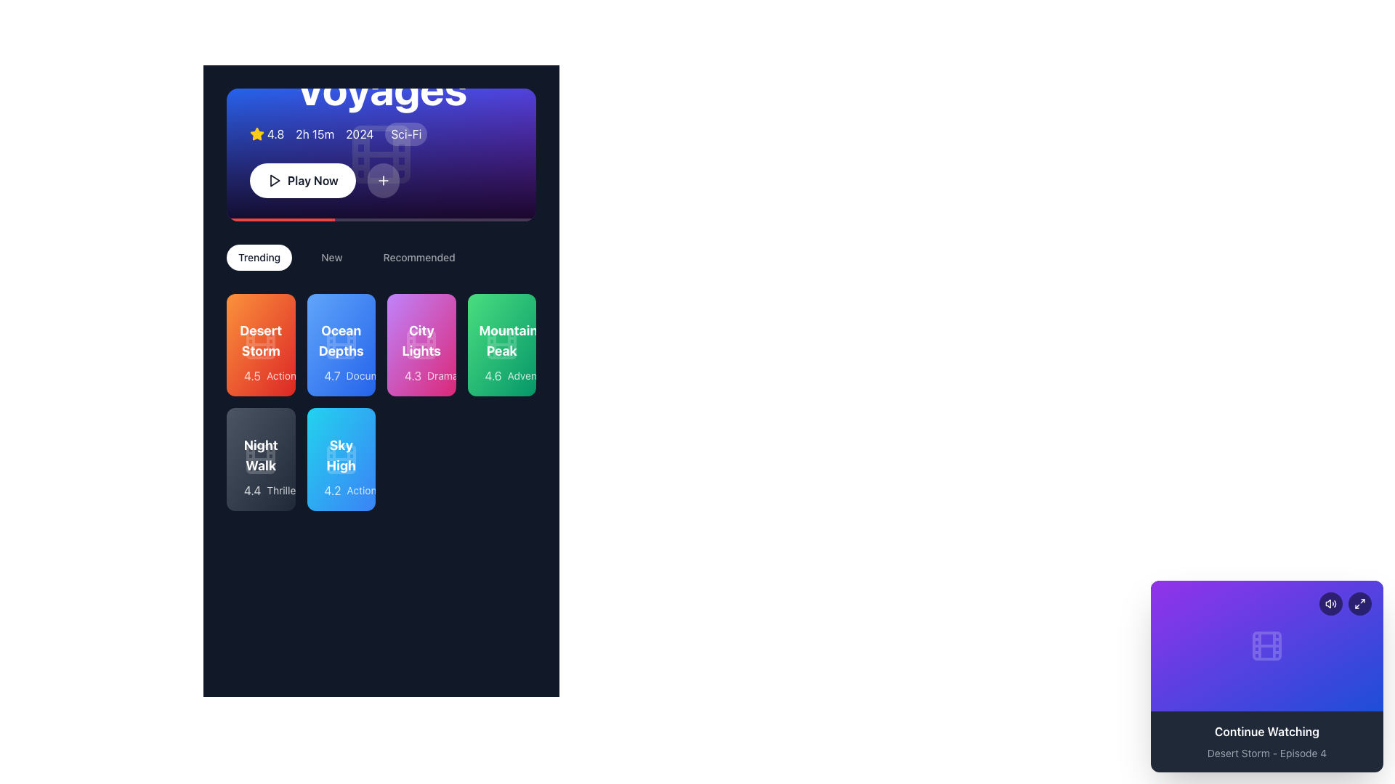 The height and width of the screenshot is (784, 1395). Describe the element at coordinates (1331, 604) in the screenshot. I see `the sound-related icon button located in the bottom-right corner of the interface` at that location.